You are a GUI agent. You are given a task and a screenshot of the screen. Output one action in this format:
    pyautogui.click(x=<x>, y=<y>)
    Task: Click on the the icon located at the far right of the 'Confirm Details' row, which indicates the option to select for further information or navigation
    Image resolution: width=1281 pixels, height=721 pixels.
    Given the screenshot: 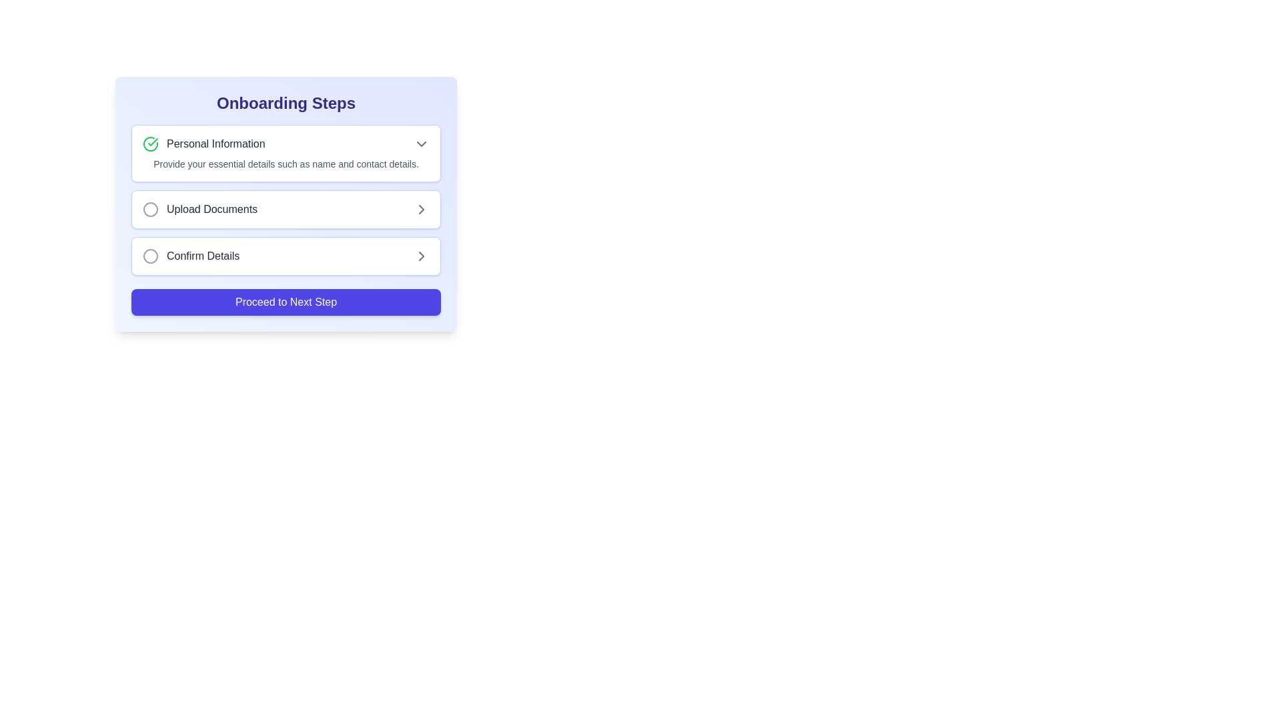 What is the action you would take?
    pyautogui.click(x=421, y=256)
    